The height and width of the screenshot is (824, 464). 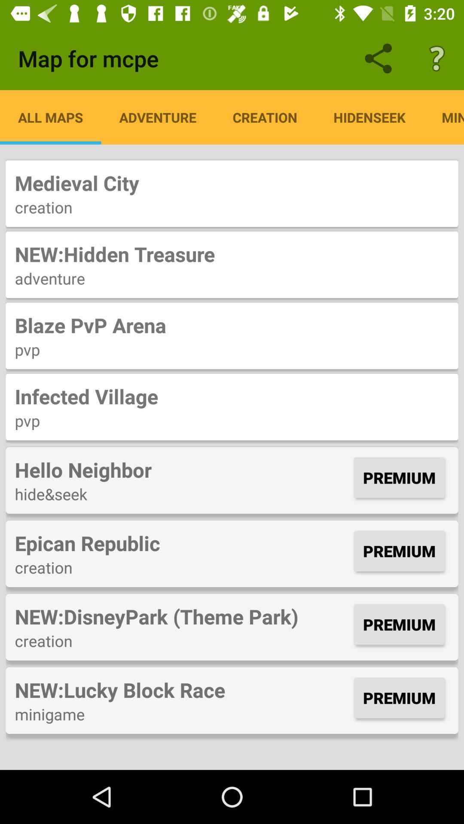 What do you see at coordinates (182, 469) in the screenshot?
I see `item to the left of premium` at bounding box center [182, 469].